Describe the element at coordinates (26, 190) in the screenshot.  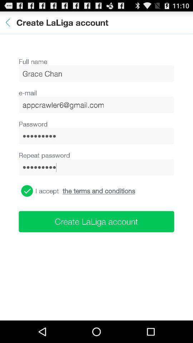
I see `the item below the crowd3116` at that location.